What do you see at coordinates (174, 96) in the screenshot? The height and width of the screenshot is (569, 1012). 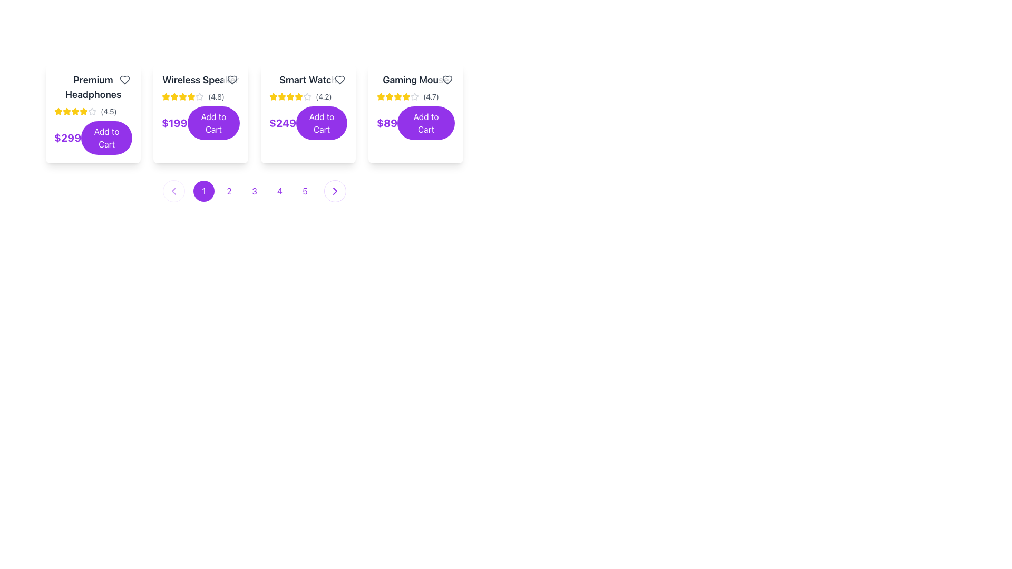 I see `the second star icon` at bounding box center [174, 96].